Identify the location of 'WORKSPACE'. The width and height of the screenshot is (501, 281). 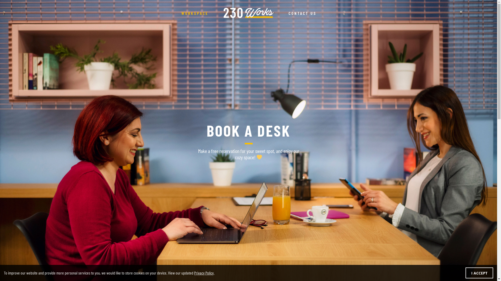
(175, 13).